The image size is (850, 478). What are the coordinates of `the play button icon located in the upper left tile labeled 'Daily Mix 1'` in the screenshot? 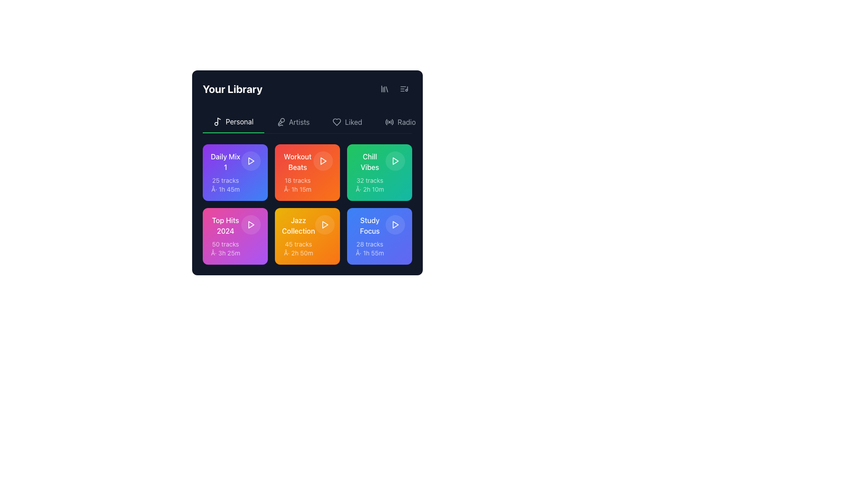 It's located at (251, 161).